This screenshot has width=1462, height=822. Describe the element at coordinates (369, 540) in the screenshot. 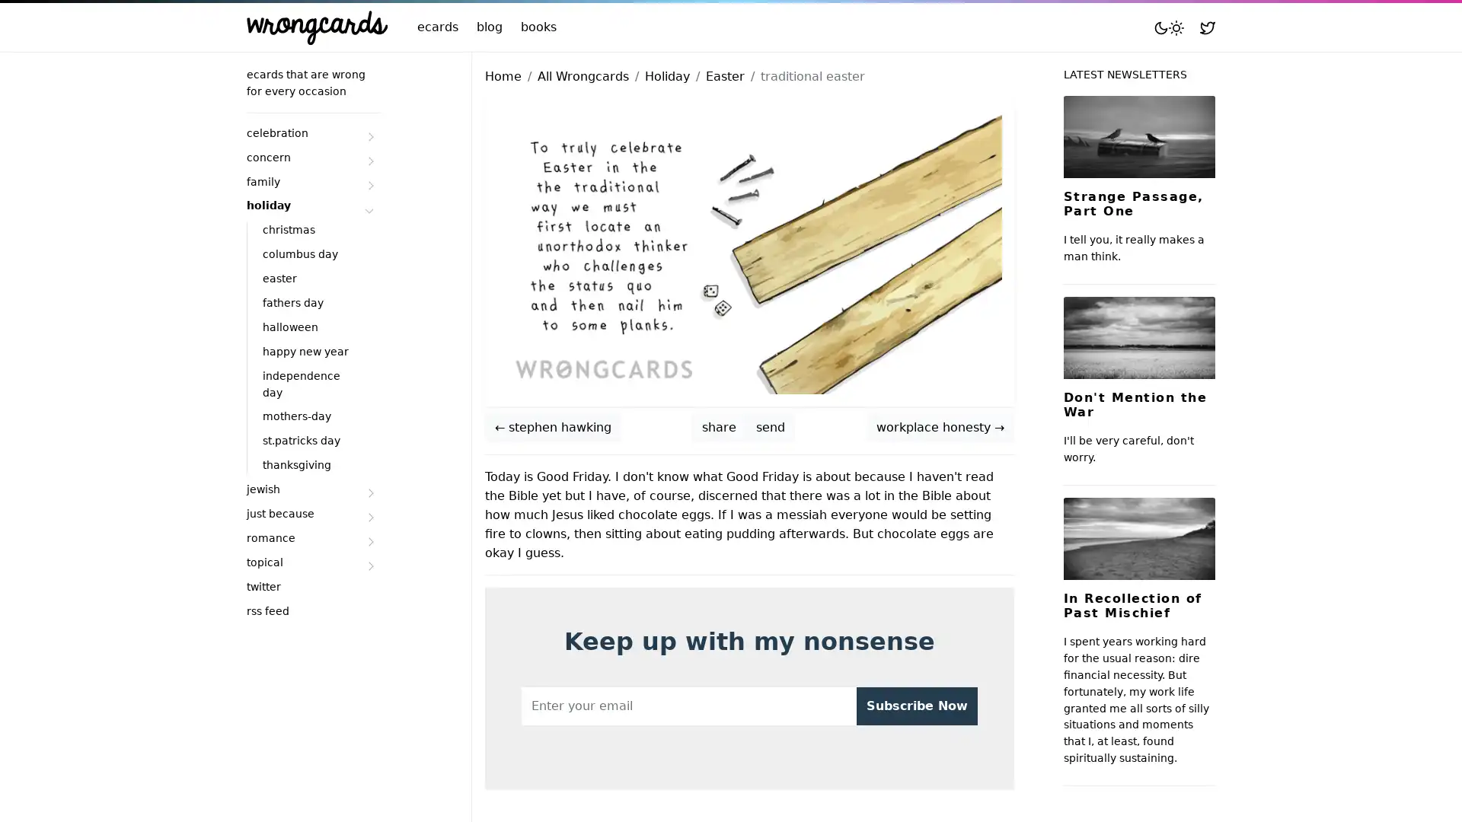

I see `Submenu` at that location.